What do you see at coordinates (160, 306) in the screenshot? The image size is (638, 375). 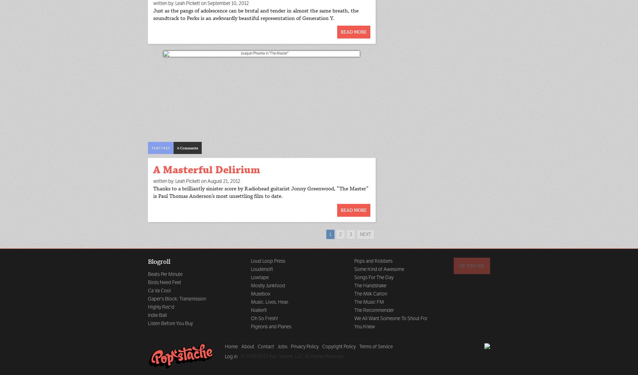 I see `'Highly Rec'd'` at bounding box center [160, 306].